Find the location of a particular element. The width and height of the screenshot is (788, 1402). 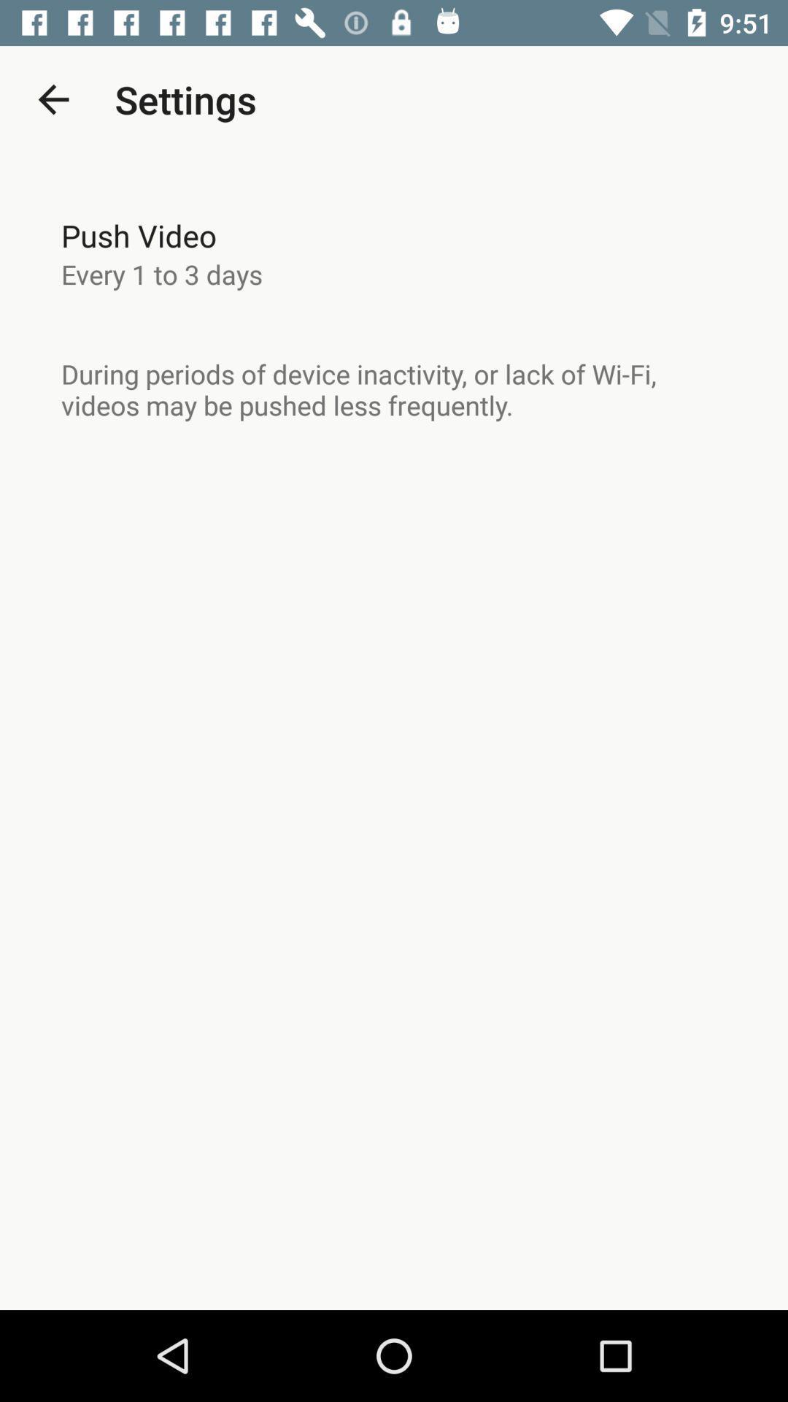

the item above the every 1 to icon is located at coordinates (139, 235).